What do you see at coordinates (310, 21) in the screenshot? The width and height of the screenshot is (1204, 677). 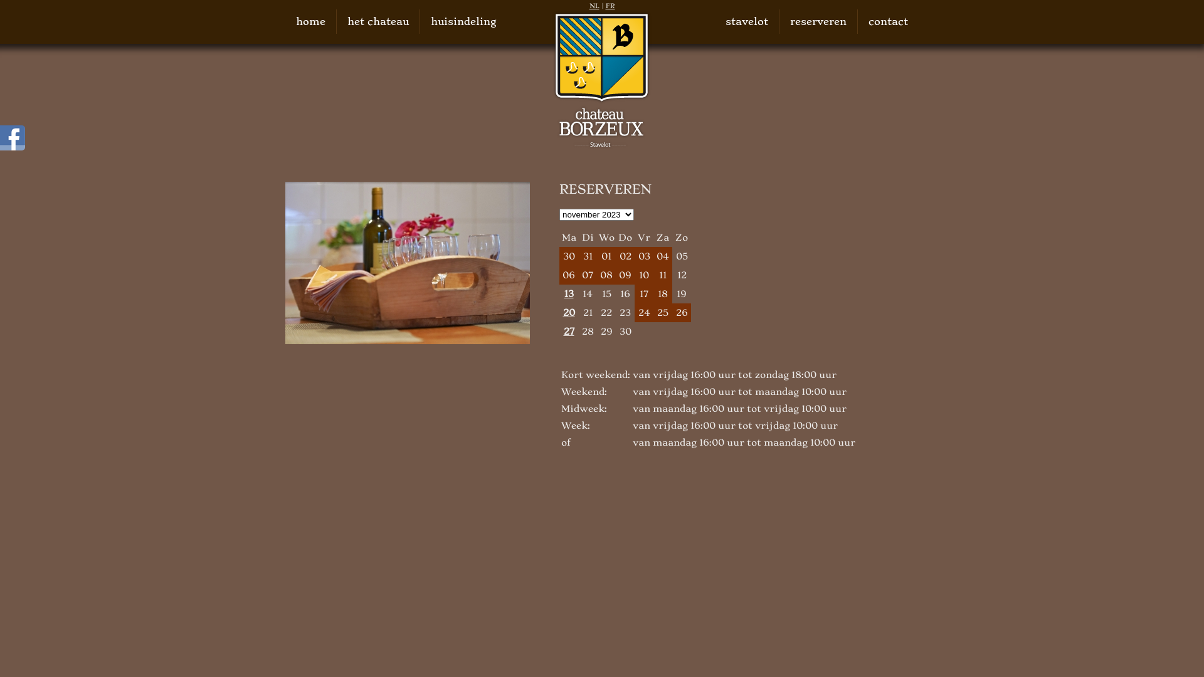 I see `'home'` at bounding box center [310, 21].